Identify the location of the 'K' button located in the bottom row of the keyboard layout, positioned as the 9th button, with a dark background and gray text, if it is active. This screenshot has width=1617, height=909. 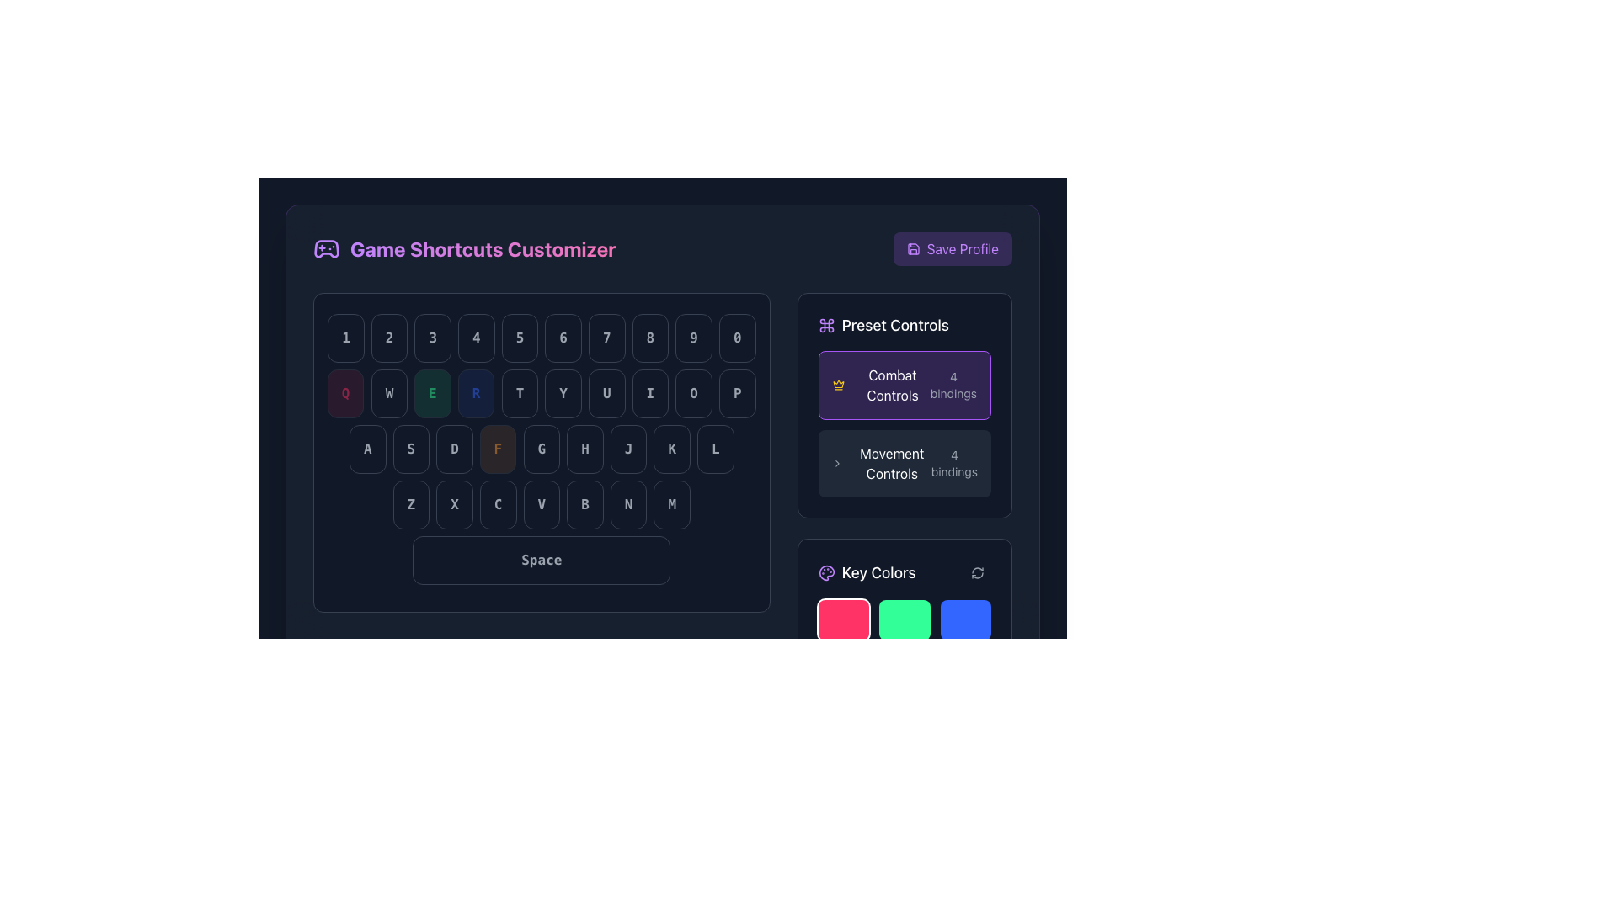
(671, 448).